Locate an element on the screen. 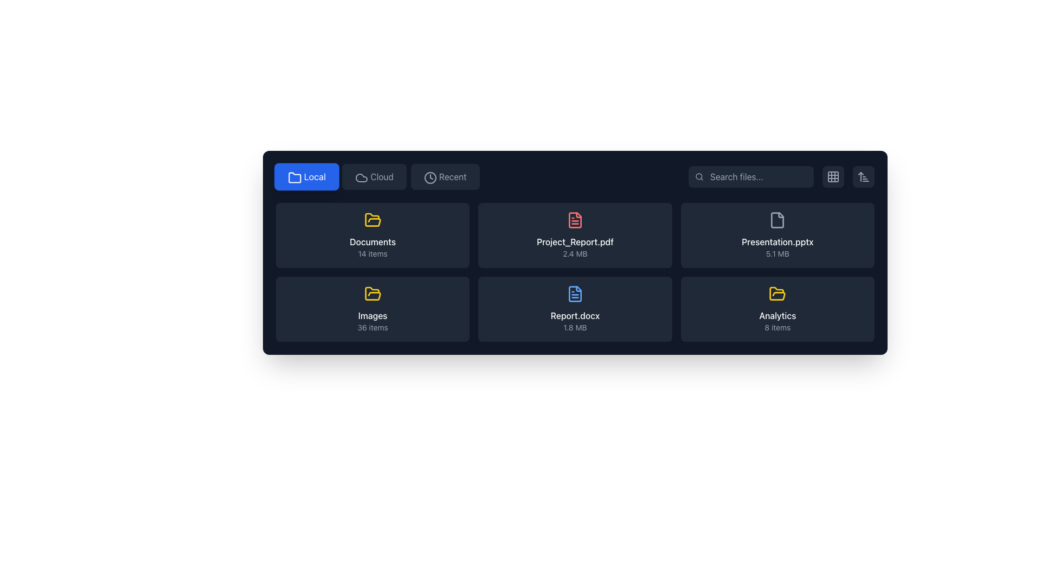  the textual information display element that shows the file name 'Presentation.pptx' and size '5.1 MB' located on the fourth card in a 2x3 tile layout is located at coordinates (777, 247).